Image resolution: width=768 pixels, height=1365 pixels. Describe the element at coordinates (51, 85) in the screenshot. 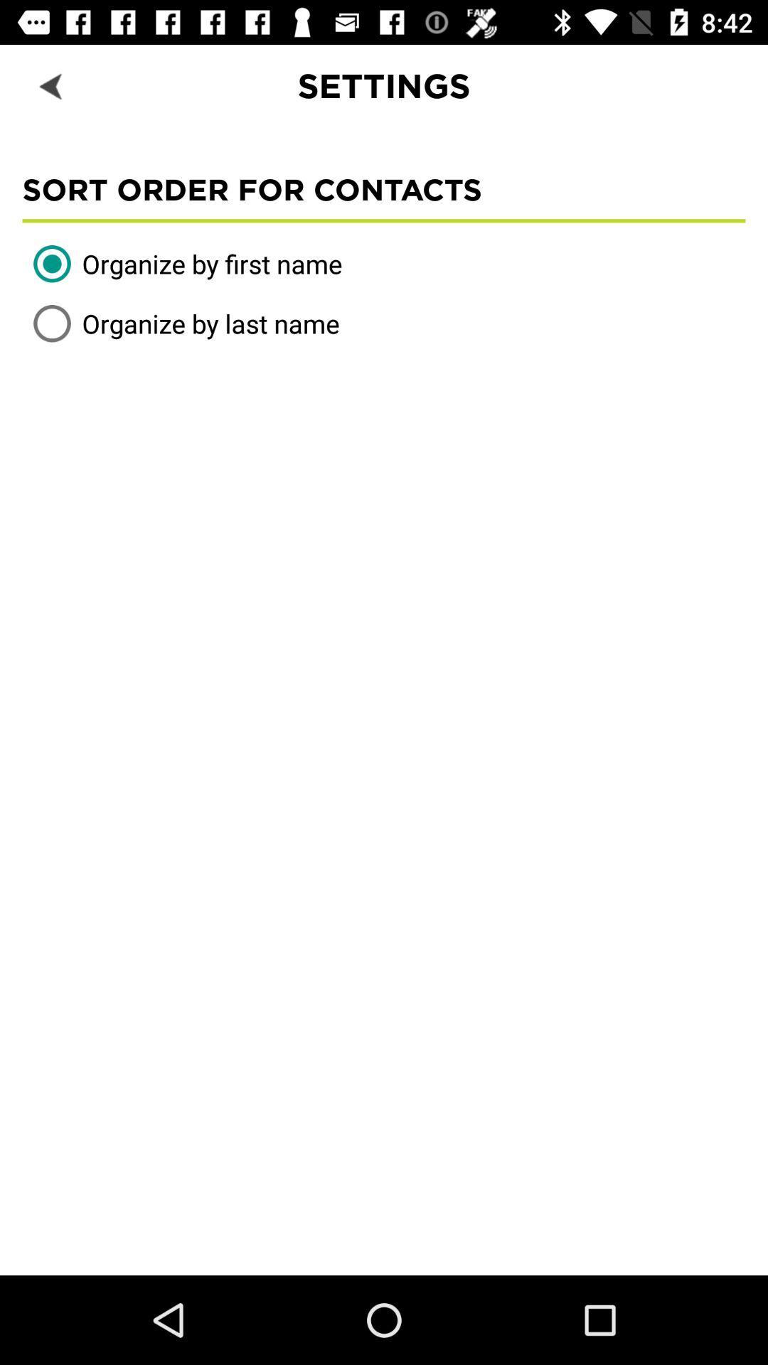

I see `back` at that location.